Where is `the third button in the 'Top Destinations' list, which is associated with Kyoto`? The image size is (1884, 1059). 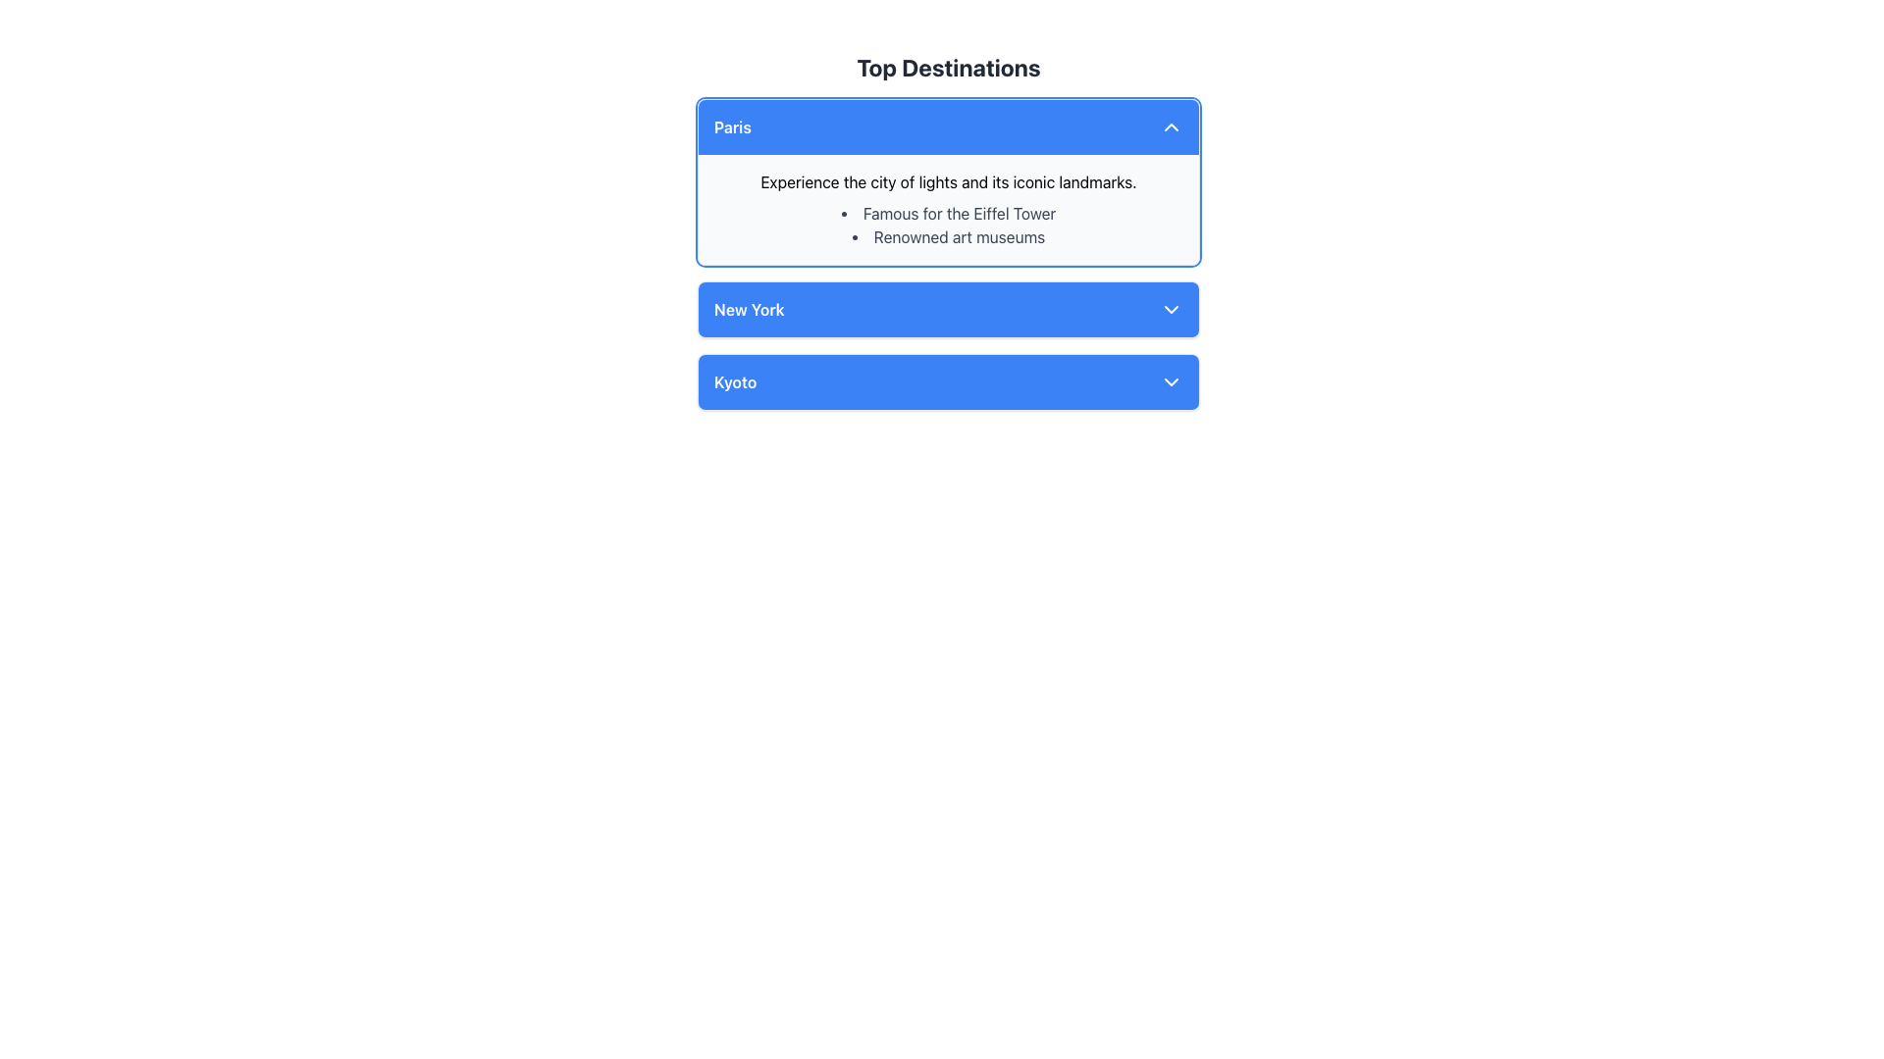
the third button in the 'Top Destinations' list, which is associated with Kyoto is located at coordinates (948, 381).